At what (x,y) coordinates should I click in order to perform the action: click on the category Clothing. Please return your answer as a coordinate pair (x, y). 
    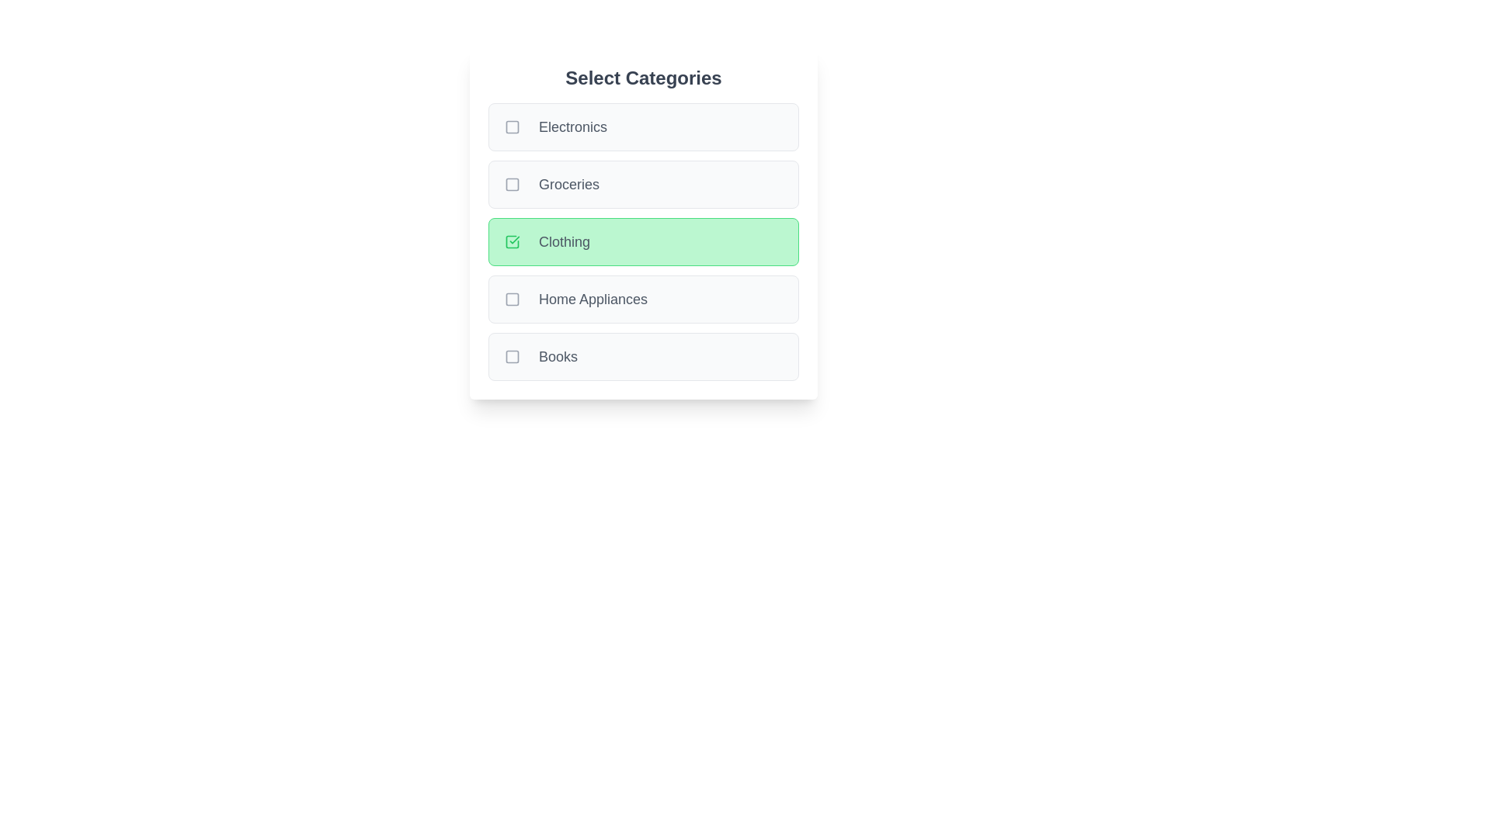
    Looking at the image, I should click on (644, 242).